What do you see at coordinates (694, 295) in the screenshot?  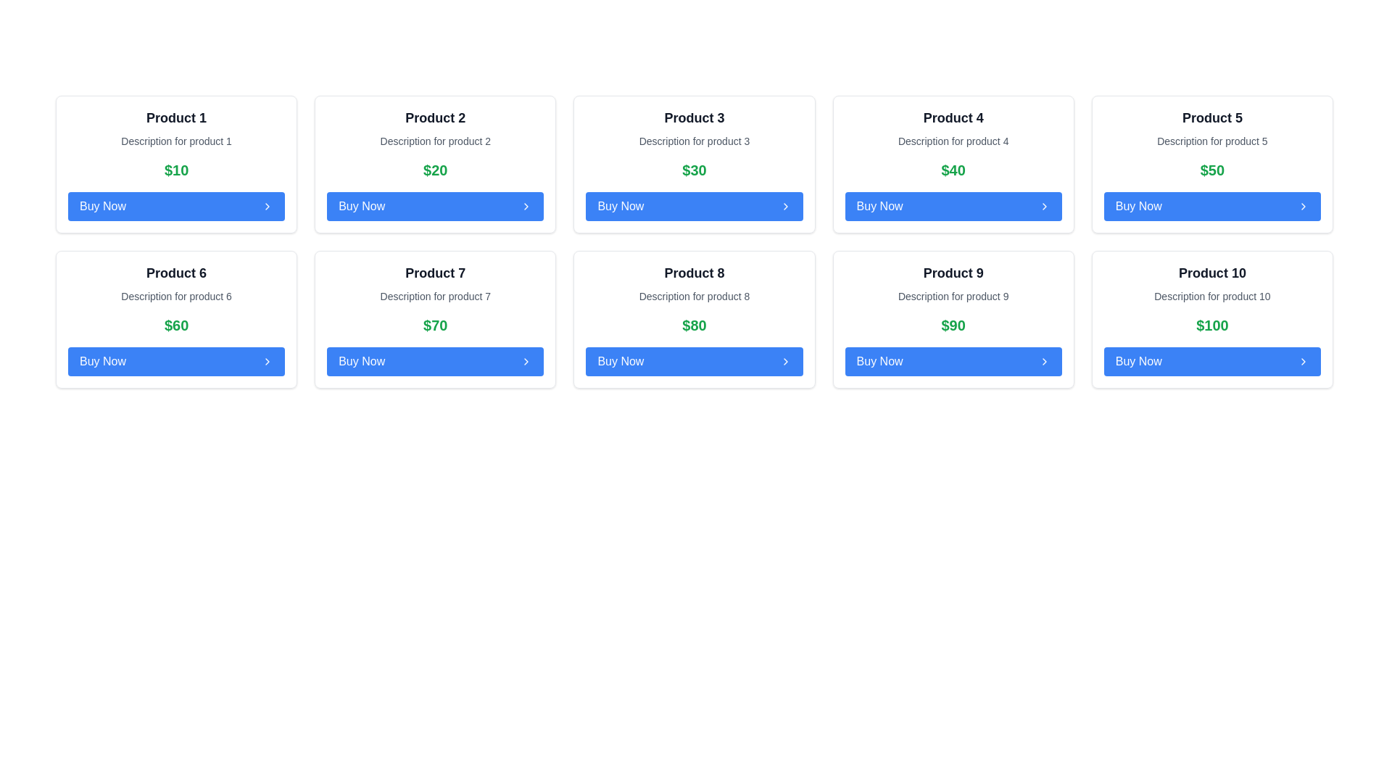 I see `the text field displaying 'Description for product 8', which is located beneath the title 'Product 8' and above the price '$80' within a bordered card layout` at bounding box center [694, 295].